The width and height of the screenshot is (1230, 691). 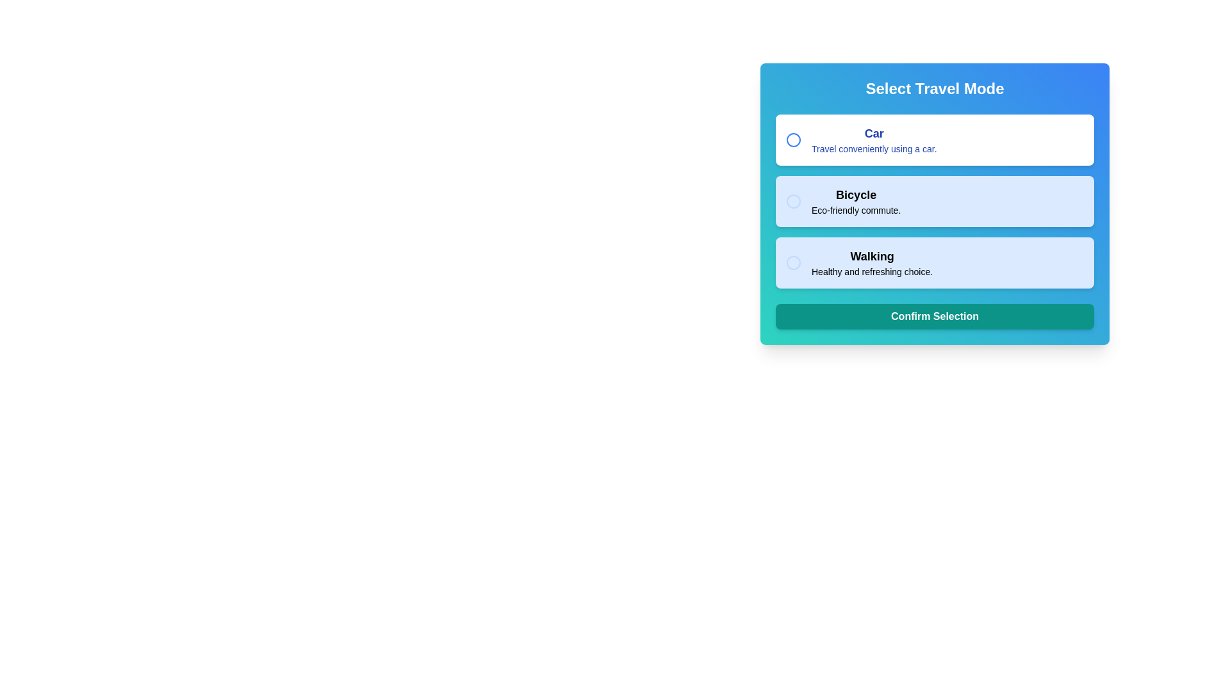 What do you see at coordinates (873, 148) in the screenshot?
I see `the text label component that reads 'Travel conveniently using a car.' which is positioned below the bold 'Car' title in the interface's vertical list of travel modes` at bounding box center [873, 148].